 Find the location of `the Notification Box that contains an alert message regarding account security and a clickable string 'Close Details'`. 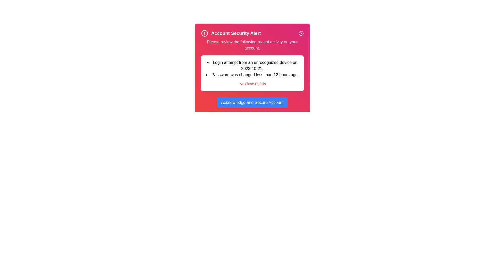

the Notification Box that contains an alert message regarding account security and a clickable string 'Close Details' is located at coordinates (252, 73).